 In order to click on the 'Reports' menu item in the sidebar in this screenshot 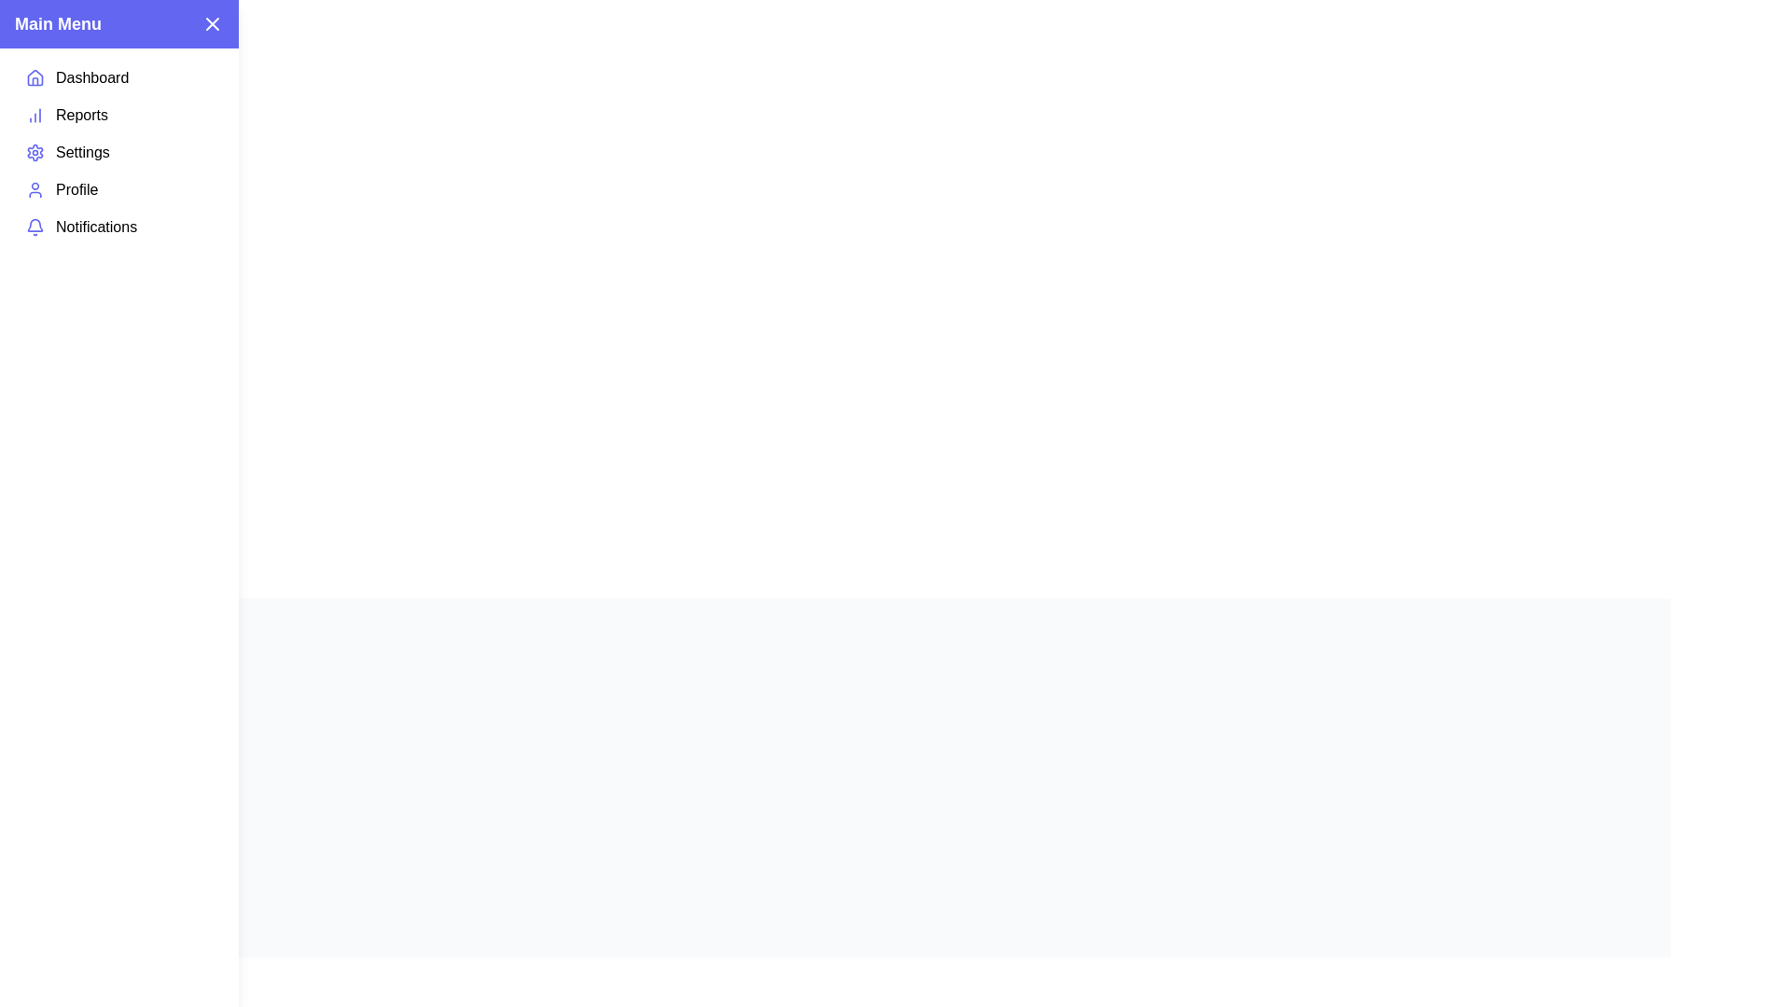, I will do `click(118, 115)`.